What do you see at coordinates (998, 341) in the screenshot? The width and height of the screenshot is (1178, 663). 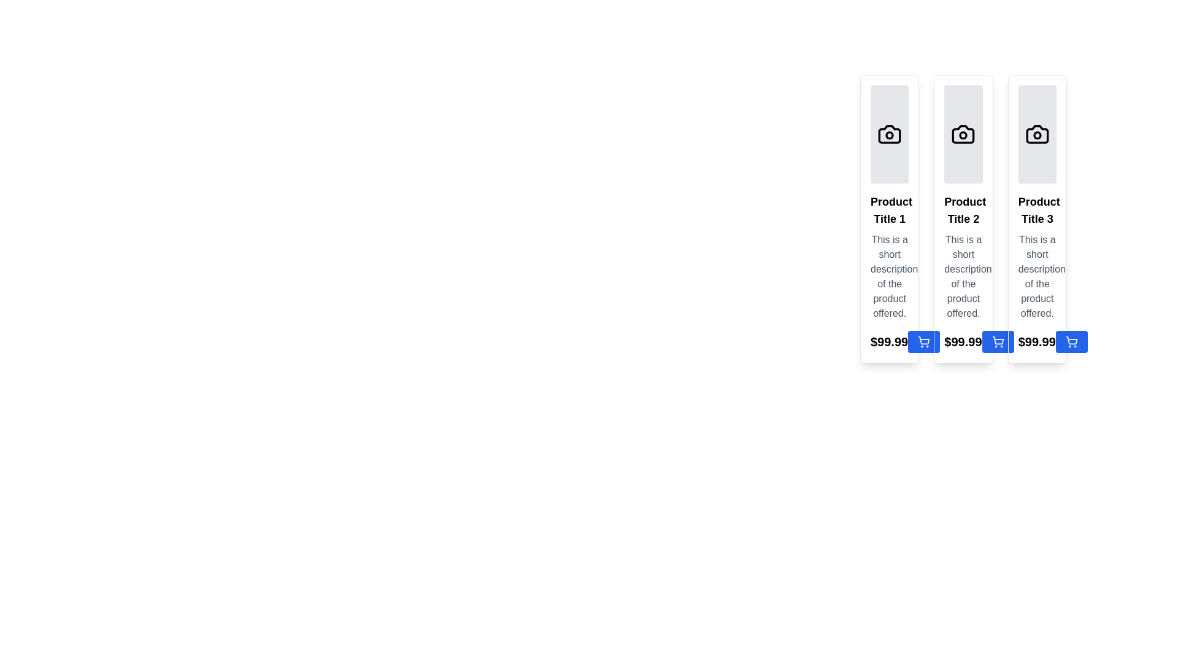 I see `the add-to-cart button located at the bottom-right corner of the card for Product Title 3` at bounding box center [998, 341].